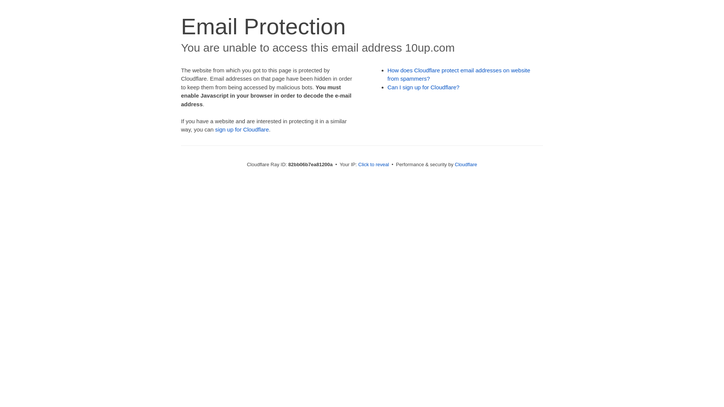 This screenshot has width=724, height=407. Describe the element at coordinates (387, 87) in the screenshot. I see `'Can I sign up for Cloudflare?'` at that location.